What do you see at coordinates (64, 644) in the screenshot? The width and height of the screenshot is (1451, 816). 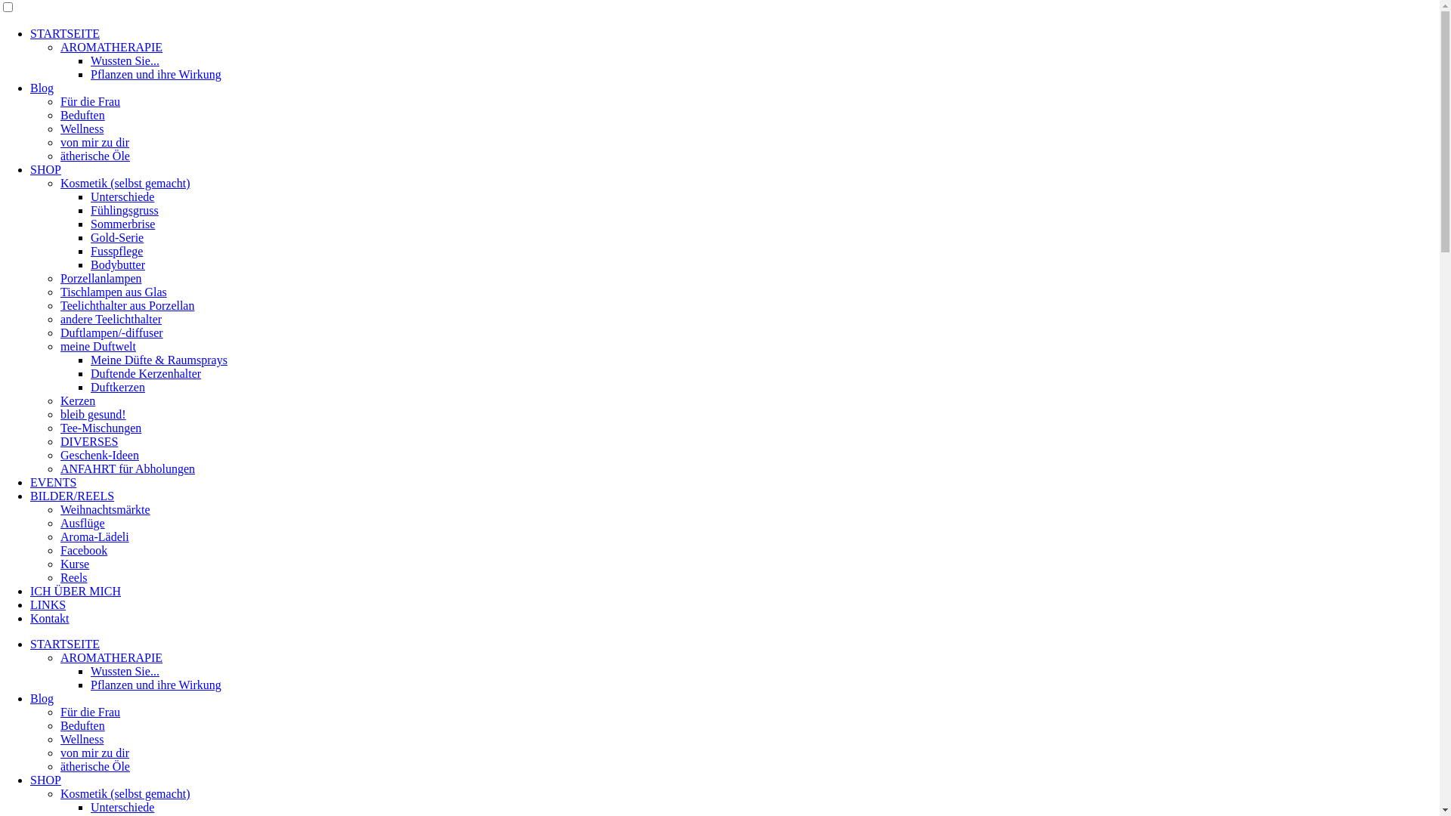 I see `'STARTSEITE'` at bounding box center [64, 644].